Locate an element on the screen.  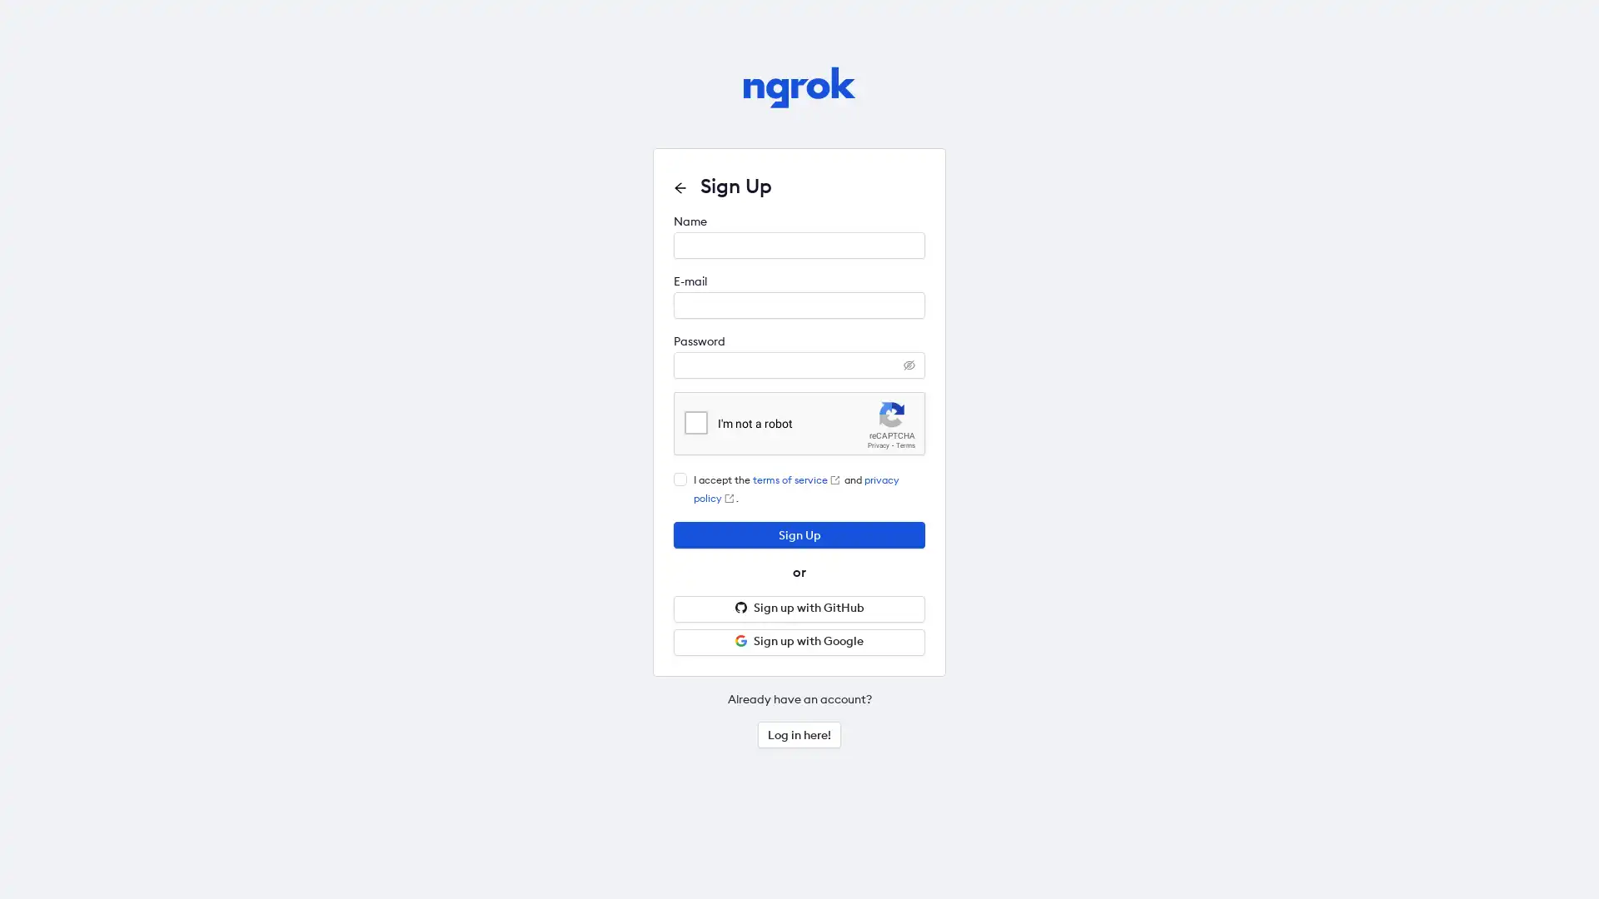
Back is located at coordinates (680, 187).